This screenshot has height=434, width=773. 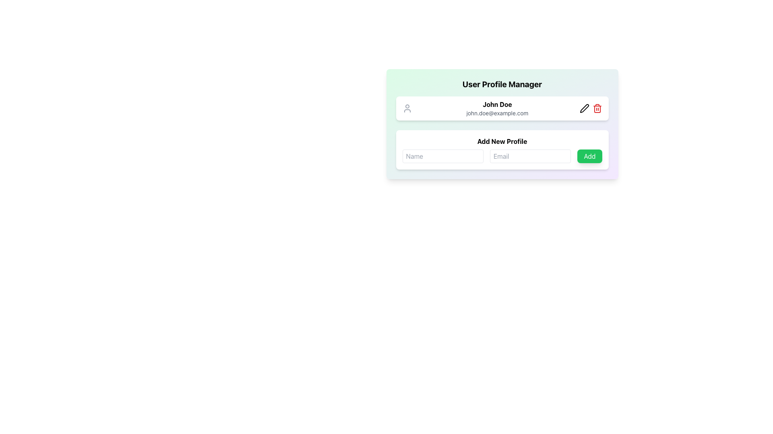 What do you see at coordinates (597, 109) in the screenshot?
I see `the middle component of the trash bin icon located in the profile management section at the top-right corner of the user profile card` at bounding box center [597, 109].